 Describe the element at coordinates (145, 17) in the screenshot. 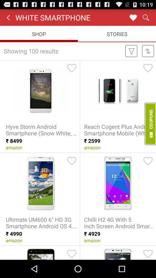

I see `open search box` at that location.